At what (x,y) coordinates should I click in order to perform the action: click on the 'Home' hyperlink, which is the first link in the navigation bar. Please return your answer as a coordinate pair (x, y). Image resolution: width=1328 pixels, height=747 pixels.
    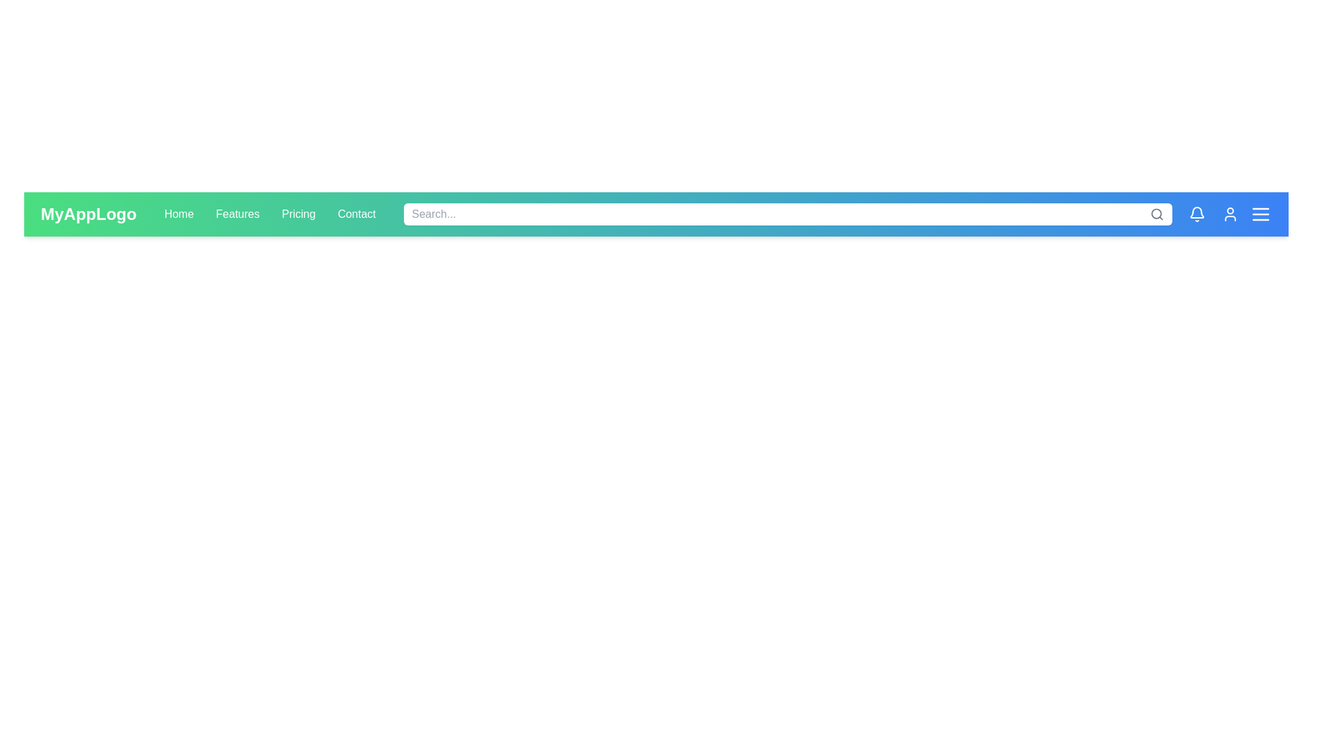
    Looking at the image, I should click on (178, 214).